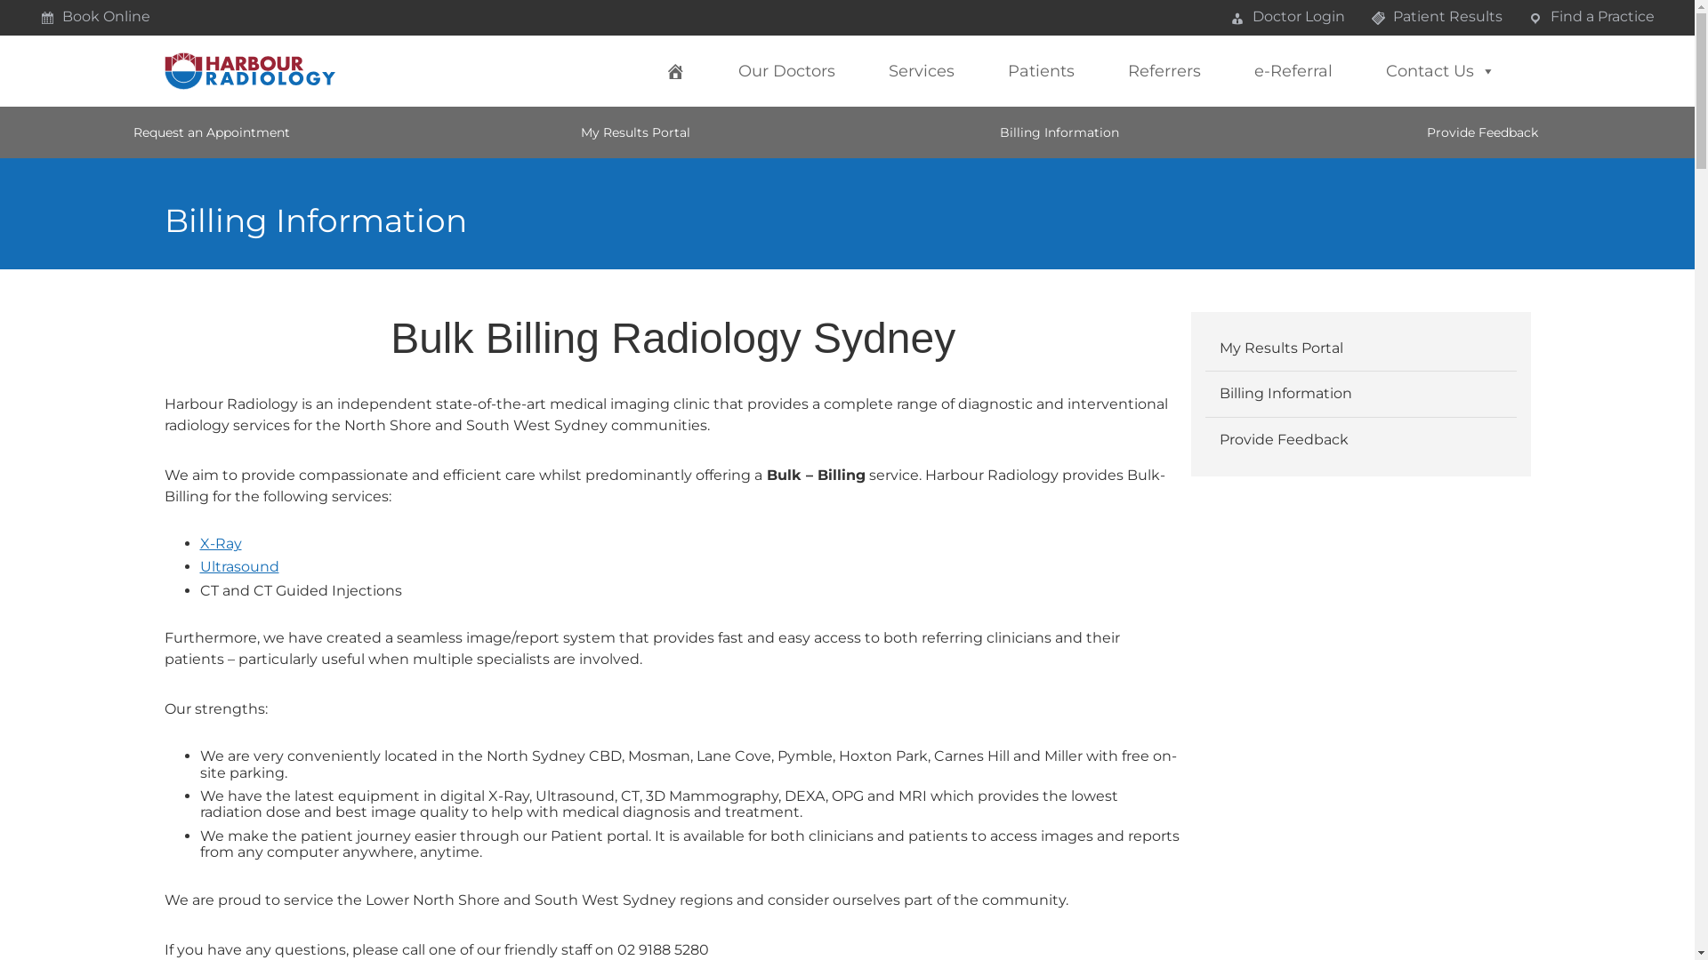 This screenshot has width=1708, height=960. What do you see at coordinates (219, 542) in the screenshot?
I see `'X-Ray'` at bounding box center [219, 542].